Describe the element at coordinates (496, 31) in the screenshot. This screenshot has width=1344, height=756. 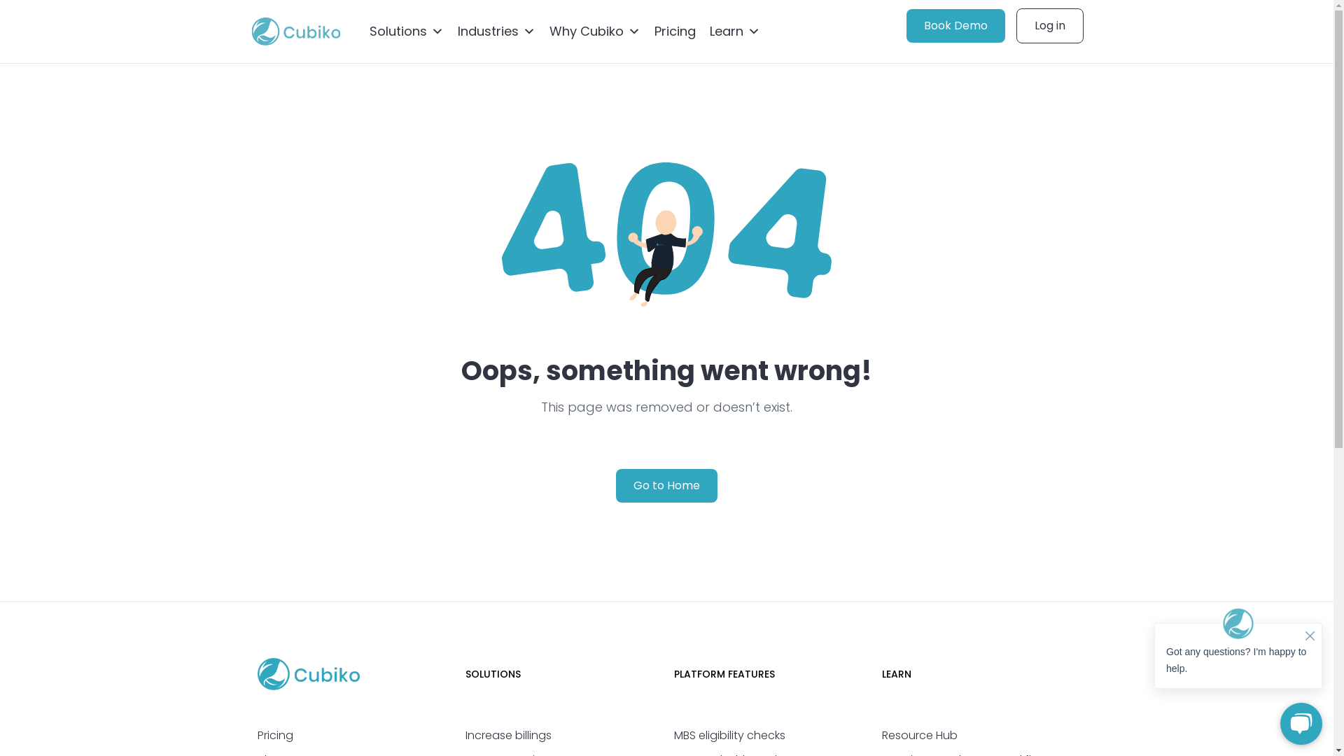
I see `'Industries'` at that location.